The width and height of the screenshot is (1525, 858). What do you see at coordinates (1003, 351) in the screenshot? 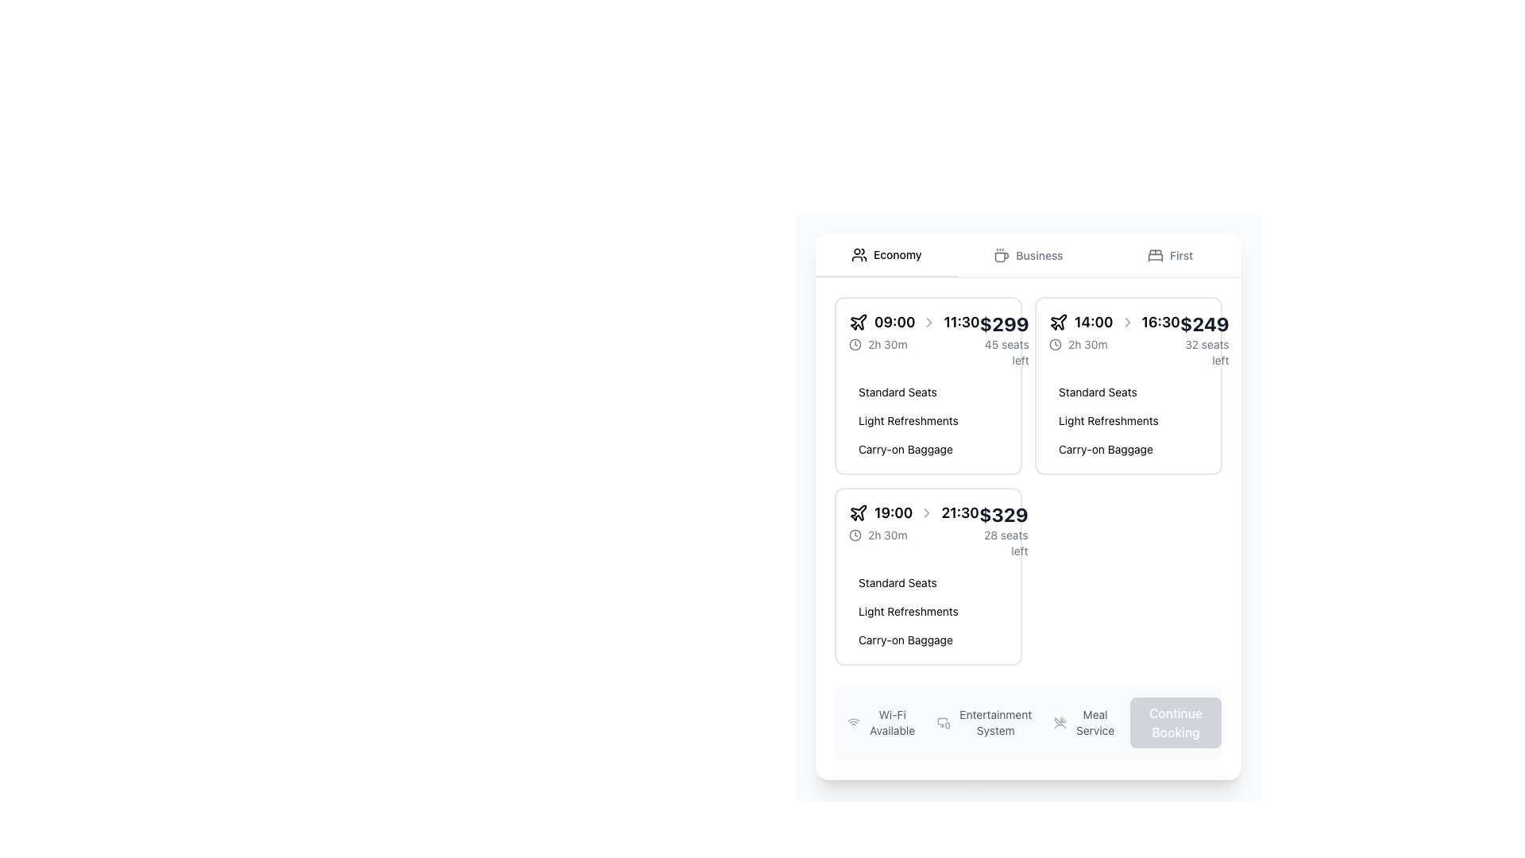
I see `text label displaying '45 seats left' located below the '$299' price text in the top-left ticket option of the ticket selection grid` at bounding box center [1003, 351].